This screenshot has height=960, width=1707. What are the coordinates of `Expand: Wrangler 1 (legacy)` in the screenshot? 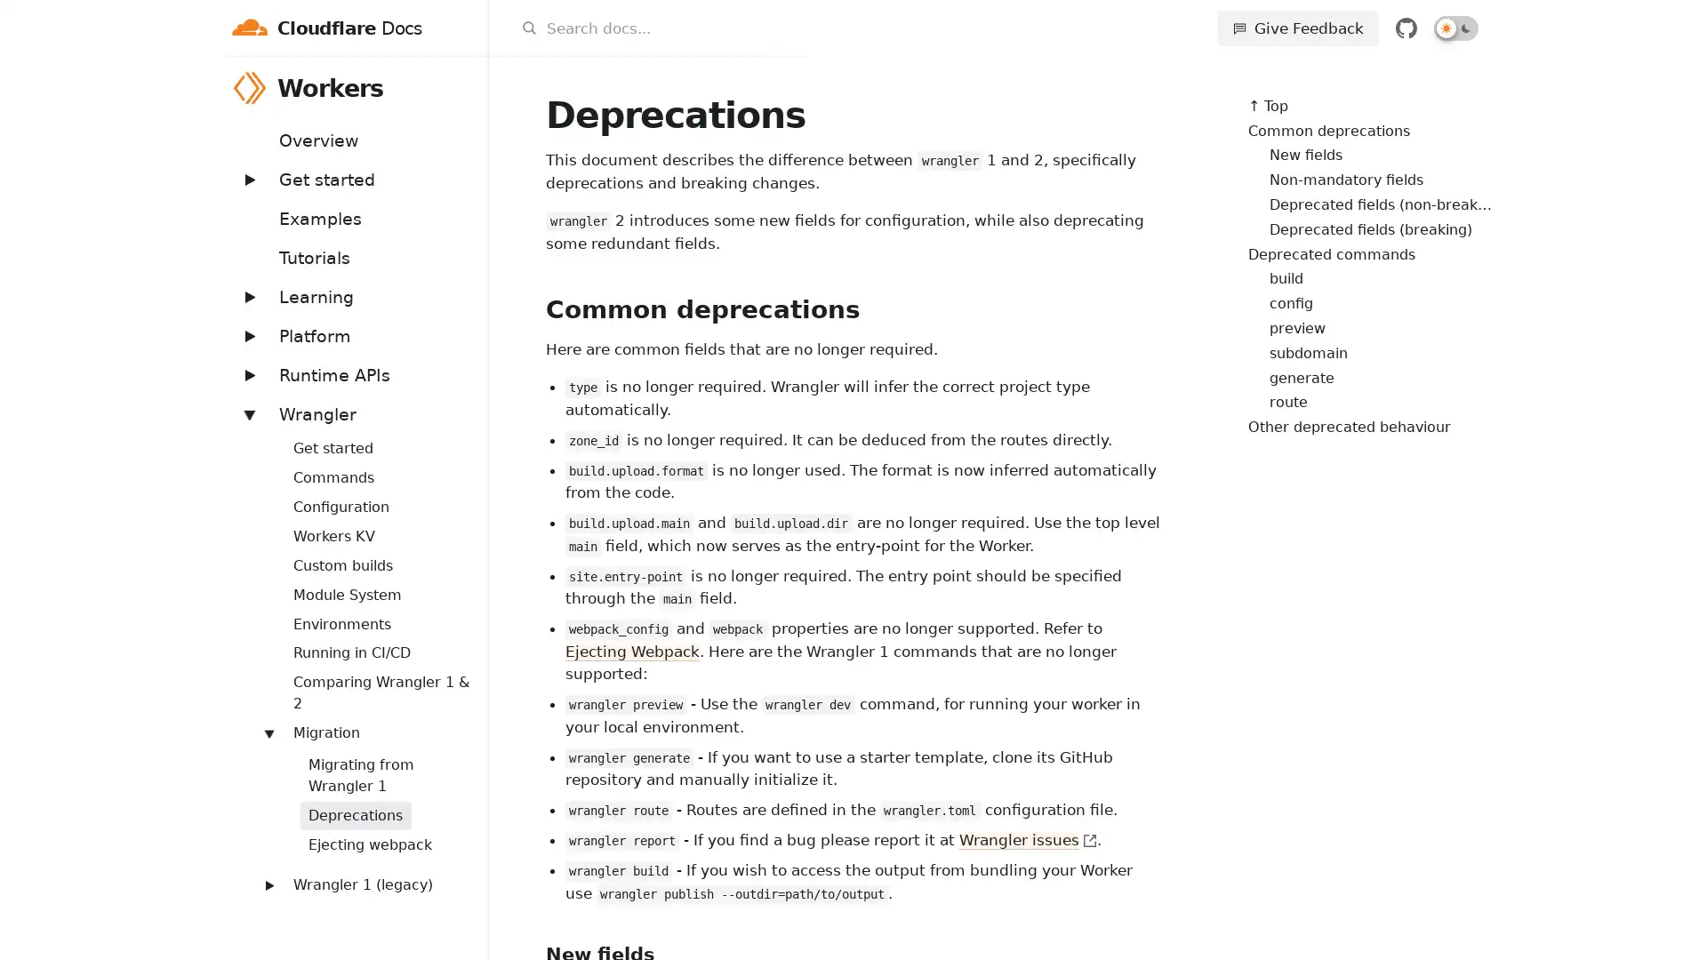 It's located at (268, 884).